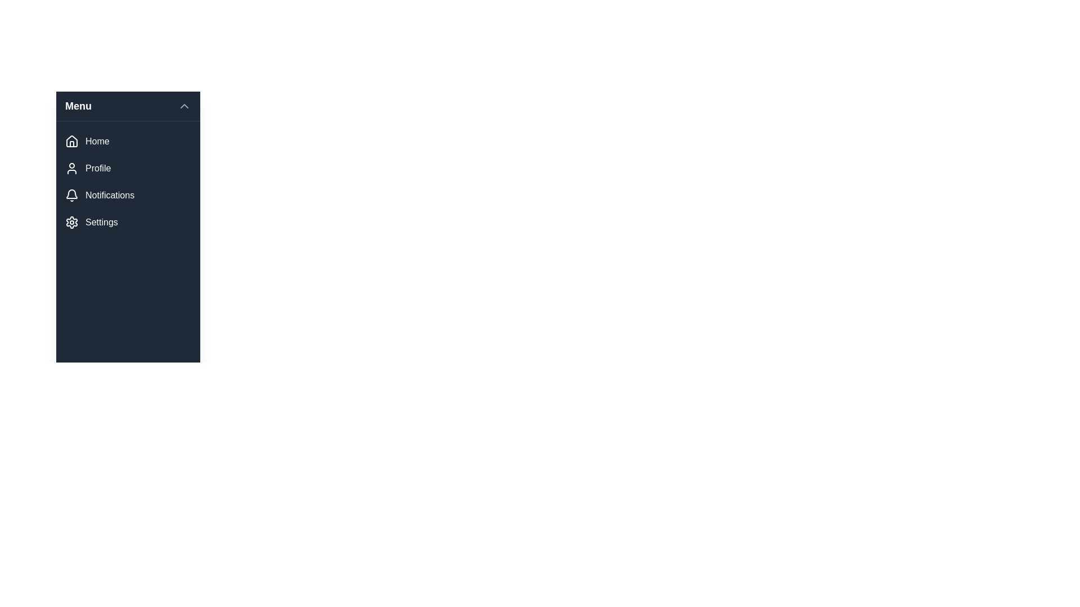 Image resolution: width=1080 pixels, height=607 pixels. I want to click on the 'Profile' text label, which is a white font on a dark background located in the vertical menu, positioned between 'Home' and 'Notifications', so click(98, 169).